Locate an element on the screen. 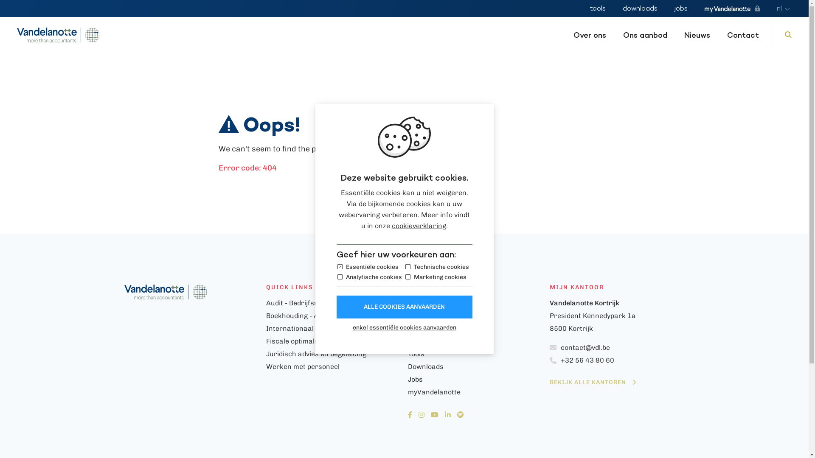 The width and height of the screenshot is (815, 458). 'ALLE COOKIES AANVAARDEN' is located at coordinates (403, 307).